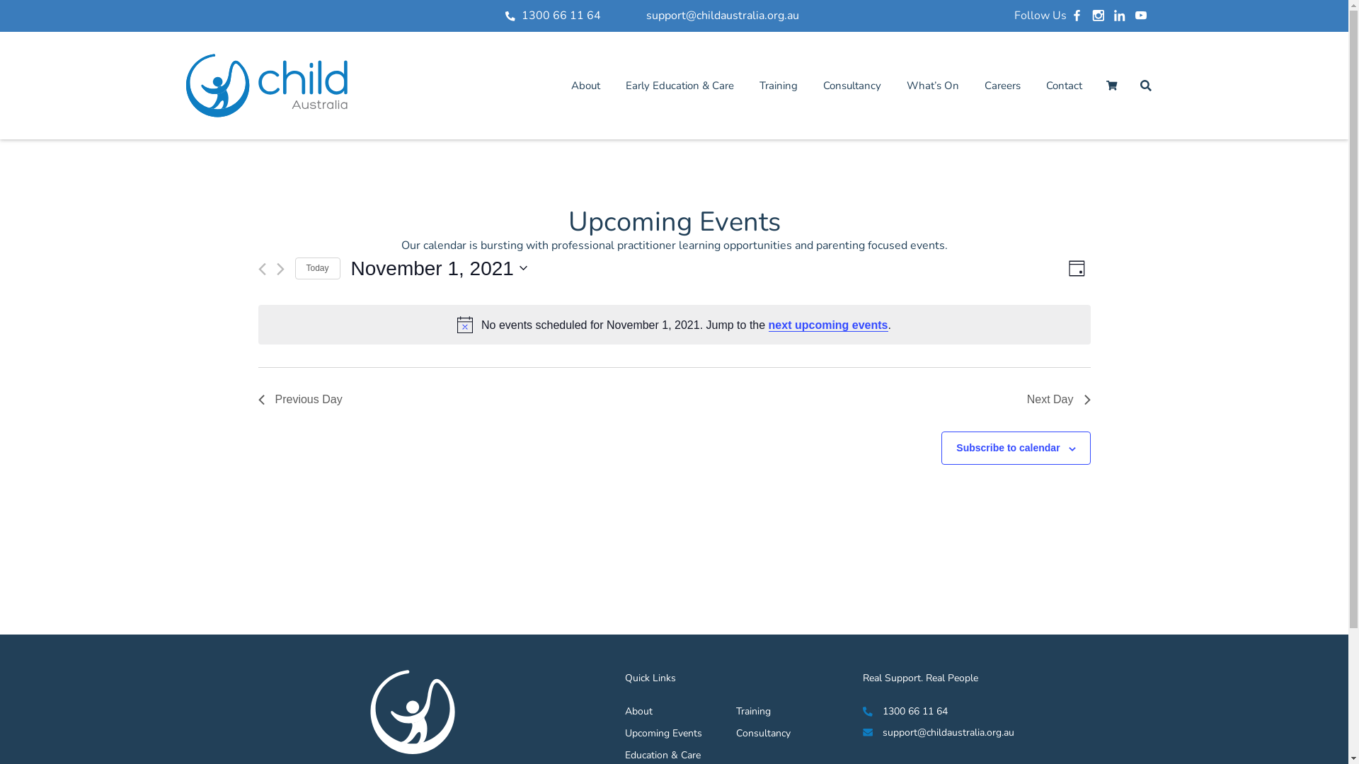 Image resolution: width=1359 pixels, height=764 pixels. What do you see at coordinates (1110, 85) in the screenshot?
I see `'Basket'` at bounding box center [1110, 85].